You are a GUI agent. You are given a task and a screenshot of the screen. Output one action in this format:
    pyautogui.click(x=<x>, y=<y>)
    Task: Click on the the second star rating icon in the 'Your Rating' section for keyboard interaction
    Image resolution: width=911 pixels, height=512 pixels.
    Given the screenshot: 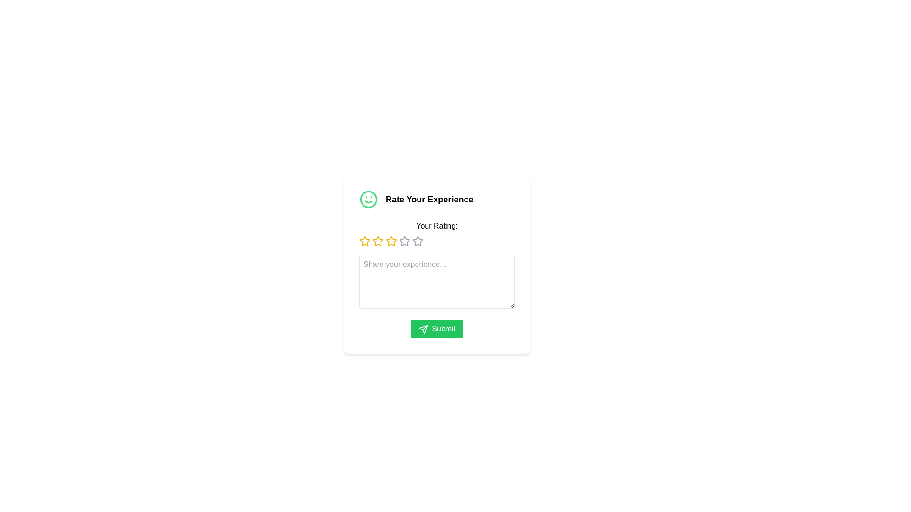 What is the action you would take?
    pyautogui.click(x=391, y=240)
    